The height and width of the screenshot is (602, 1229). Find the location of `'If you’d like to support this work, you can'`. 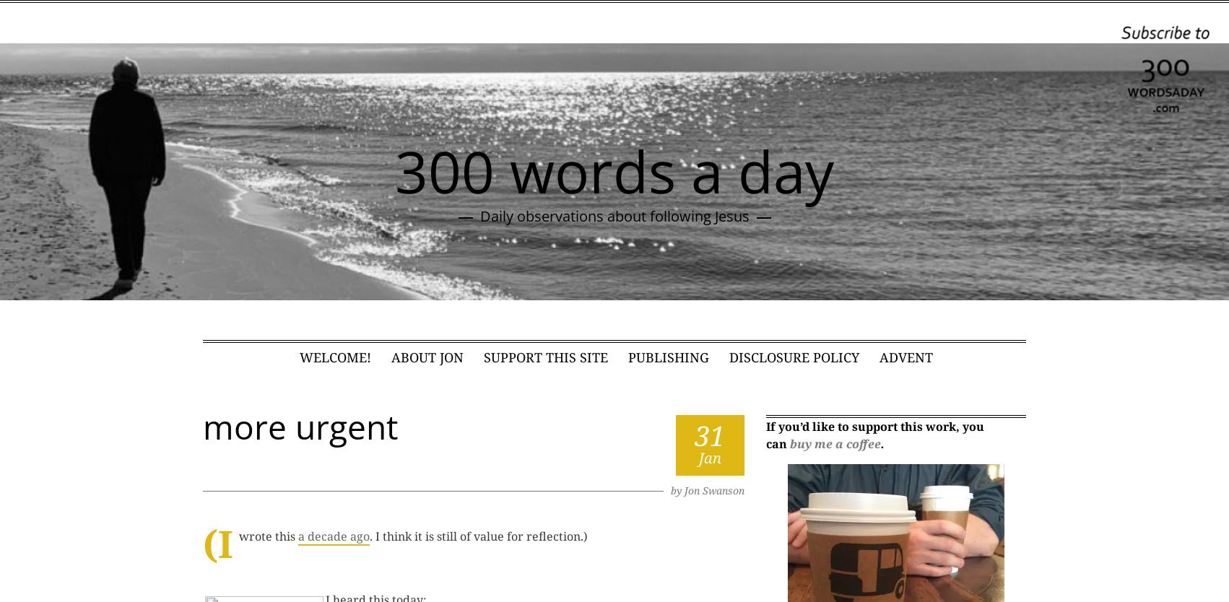

'If you’d like to support this work, you can' is located at coordinates (874, 434).